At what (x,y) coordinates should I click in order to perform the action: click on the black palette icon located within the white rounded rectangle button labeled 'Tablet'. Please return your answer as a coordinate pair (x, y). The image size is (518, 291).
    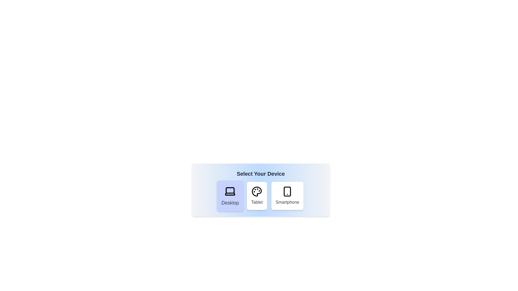
    Looking at the image, I should click on (257, 191).